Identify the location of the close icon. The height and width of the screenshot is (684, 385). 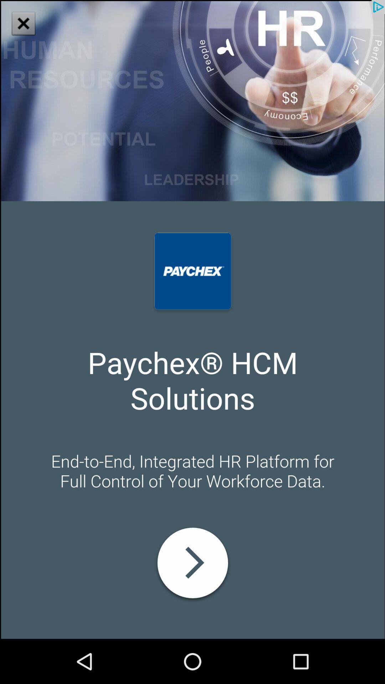
(23, 25).